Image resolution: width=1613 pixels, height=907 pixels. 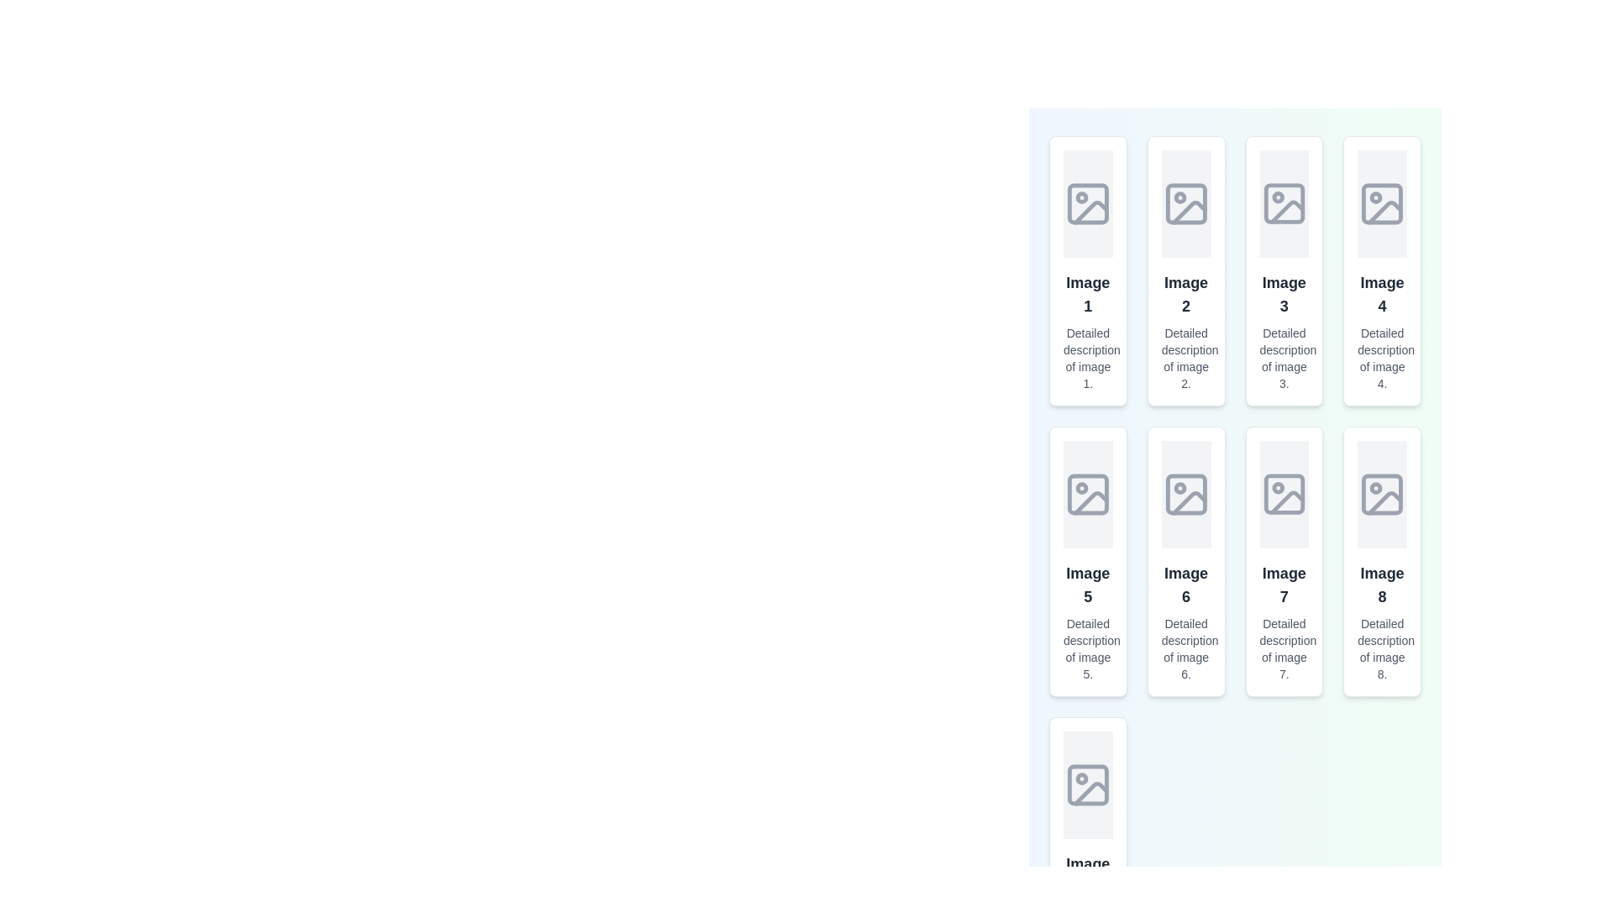 I want to click on the Decorative box located in the upper-left part of an image placeholder icon, which is styled with a light gray fill and has rounded corners, so click(x=1088, y=203).